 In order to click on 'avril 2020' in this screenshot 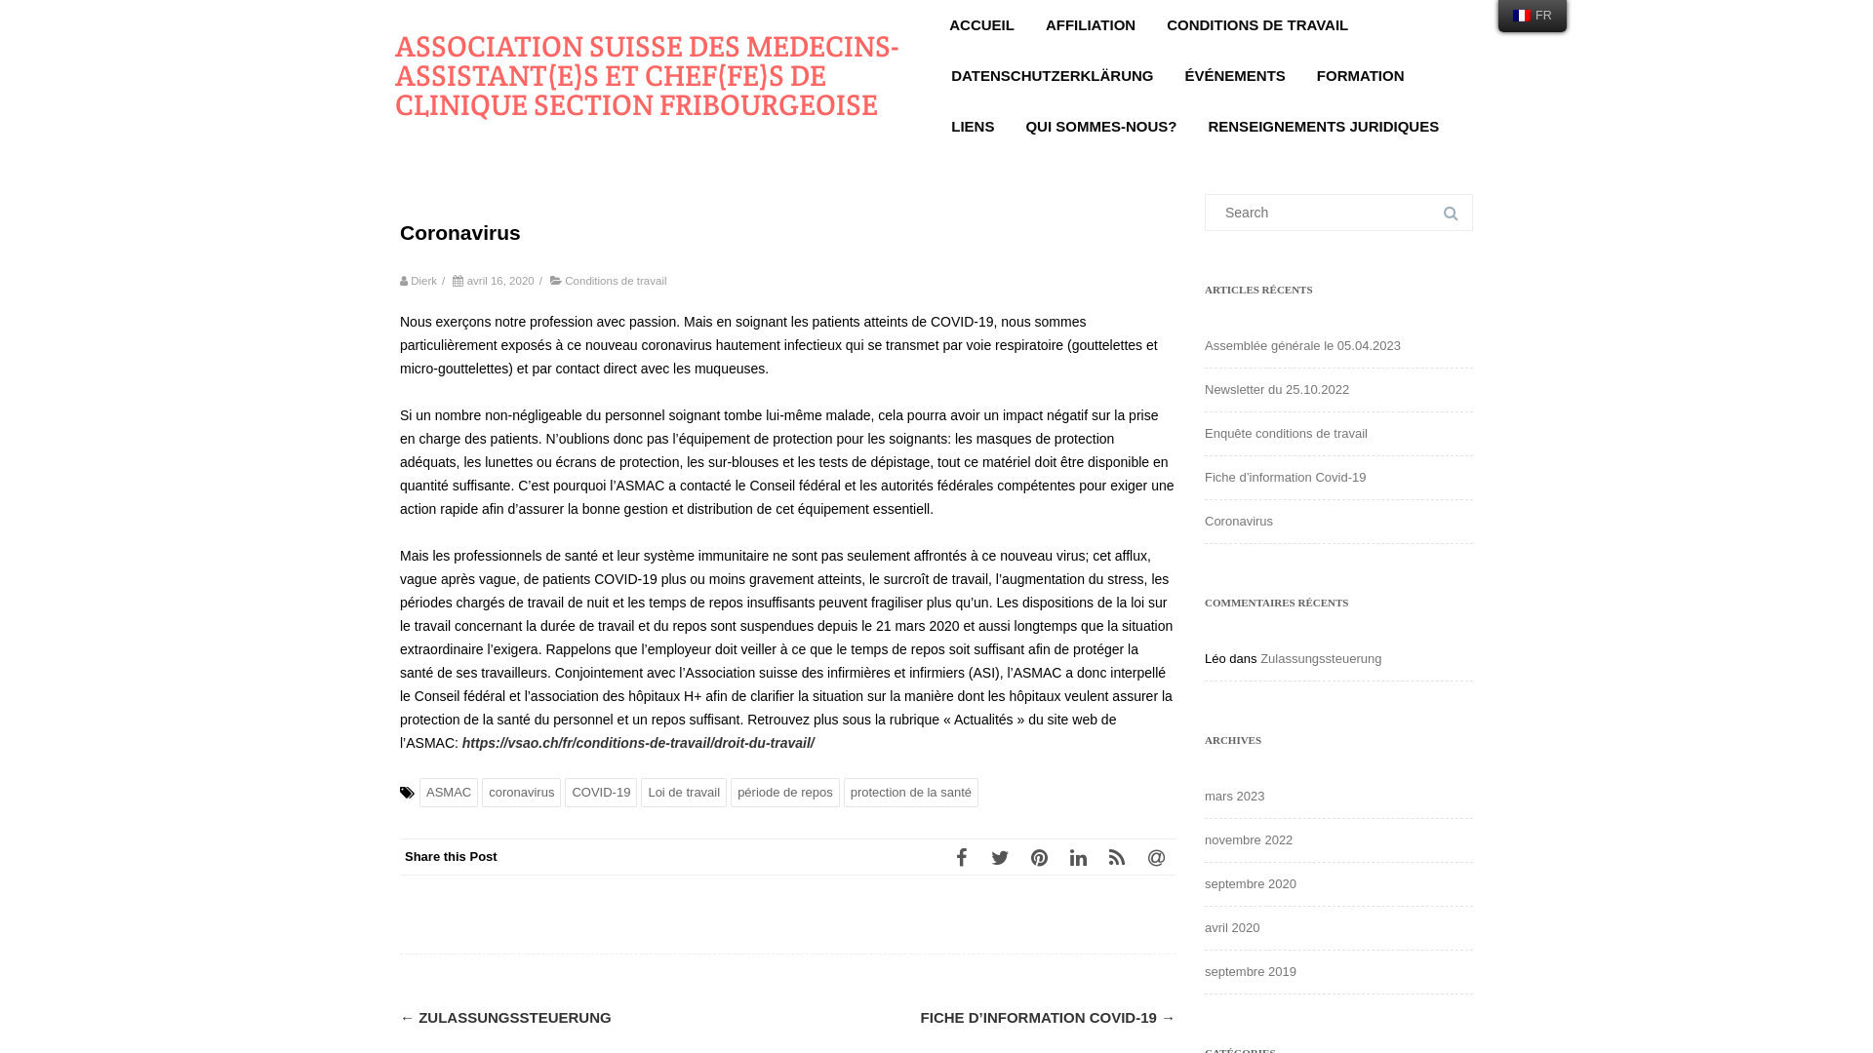, I will do `click(1230, 926)`.